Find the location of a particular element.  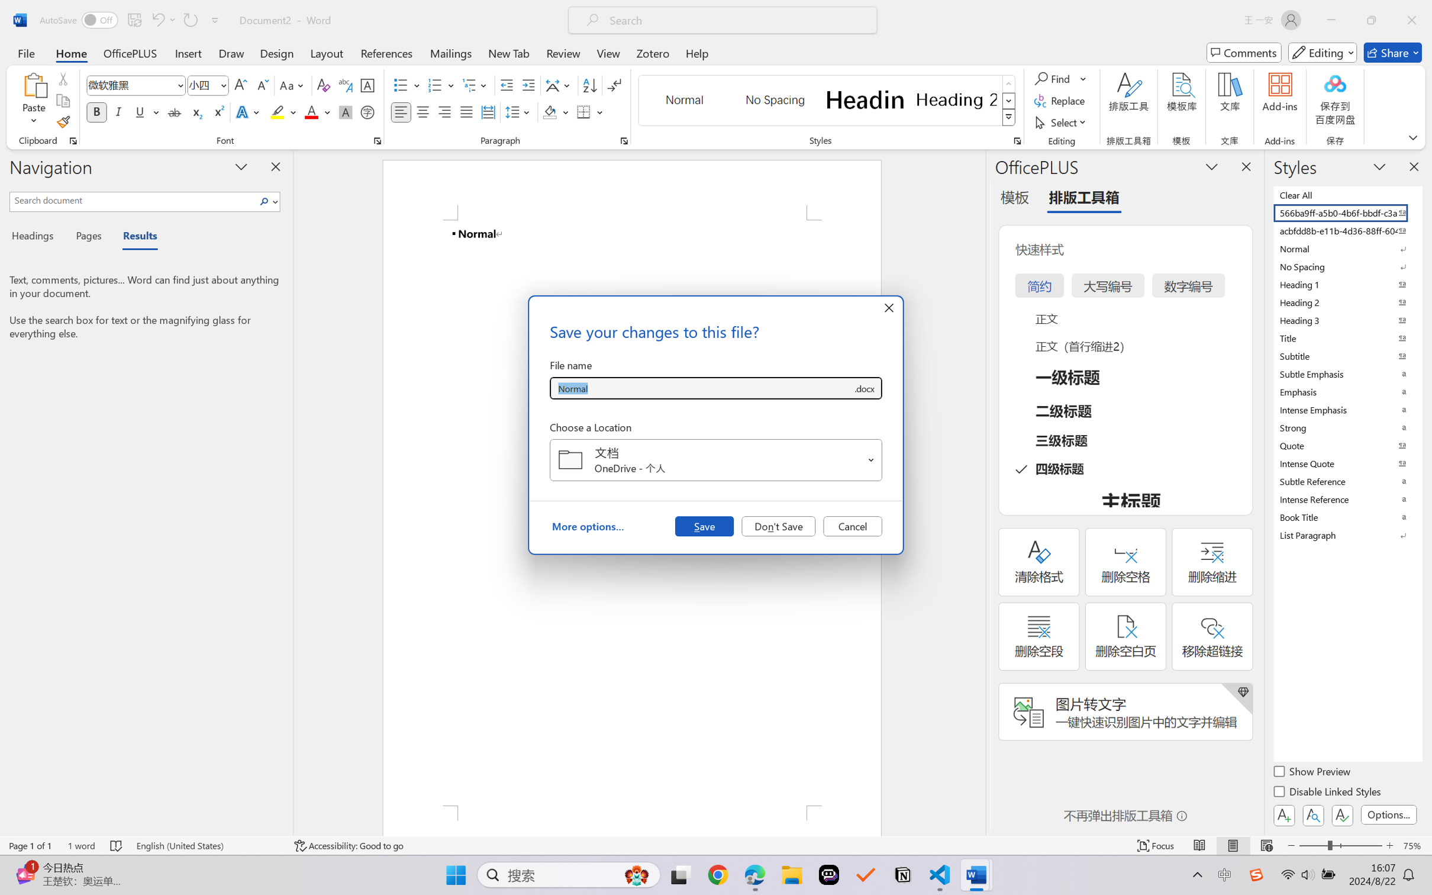

'Pages' is located at coordinates (87, 237).